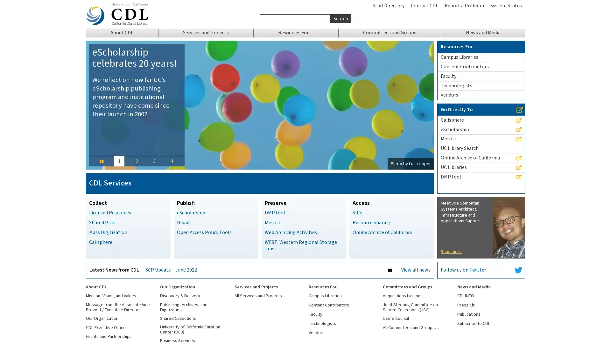 The width and height of the screenshot is (611, 343). Describe the element at coordinates (172, 160) in the screenshot. I see `go to slide 4 of 4` at that location.